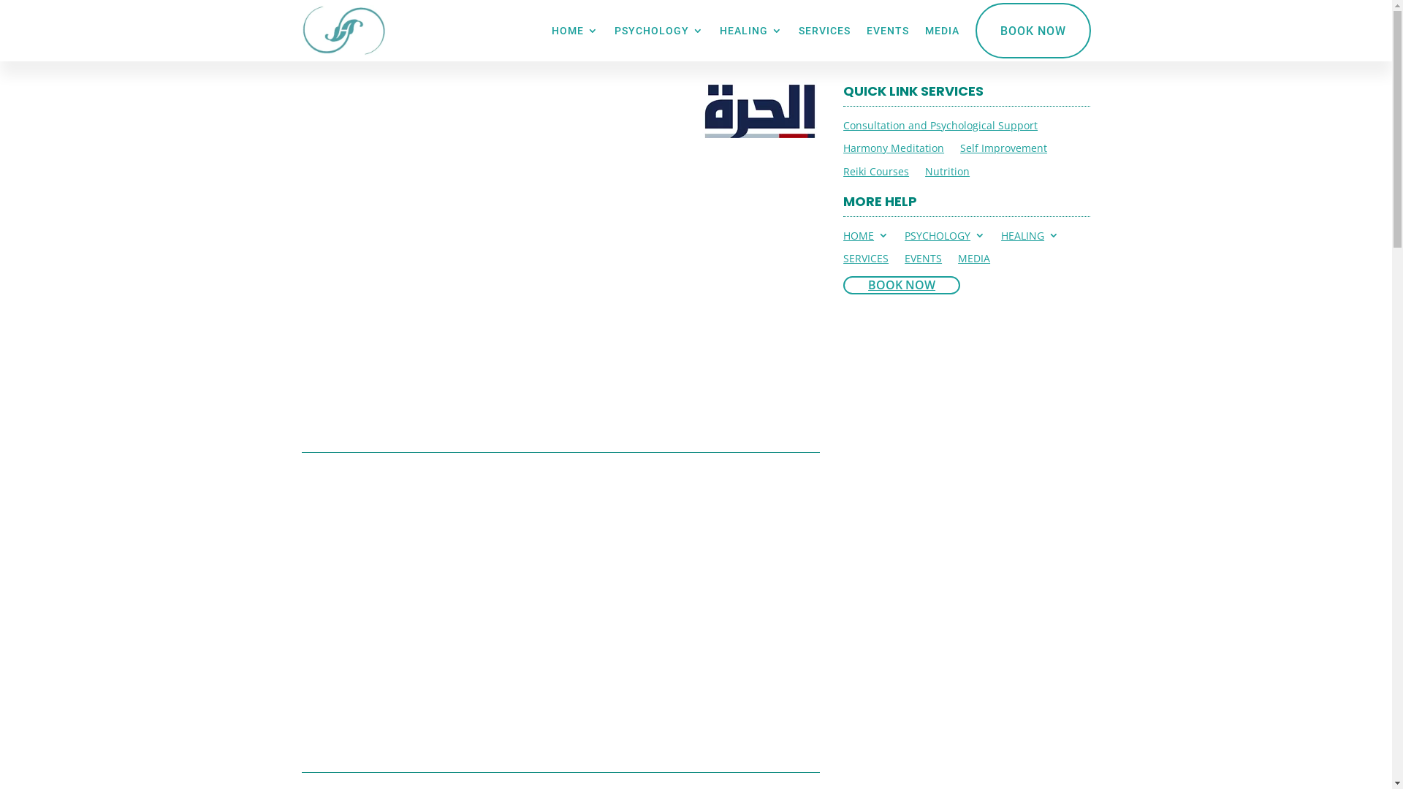 The image size is (1403, 789). What do you see at coordinates (658, 31) in the screenshot?
I see `'PSYCHOLOGY'` at bounding box center [658, 31].